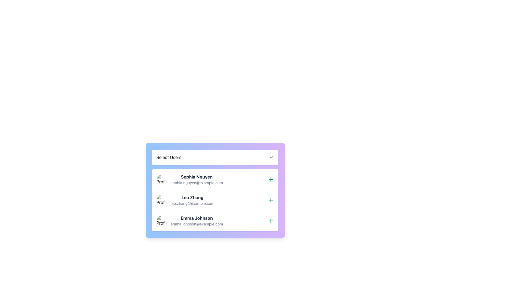  What do you see at coordinates (271, 200) in the screenshot?
I see `the plus icon button located at the rightmost end of the 'Leo Zhang' list item to initiate an action related to the user` at bounding box center [271, 200].